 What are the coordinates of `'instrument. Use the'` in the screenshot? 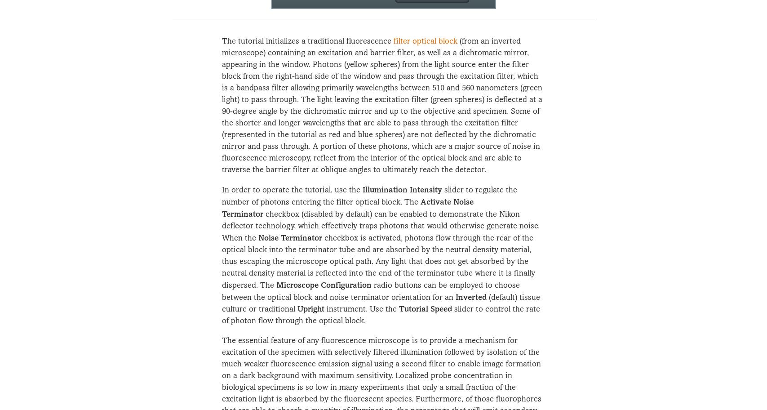 It's located at (361, 309).